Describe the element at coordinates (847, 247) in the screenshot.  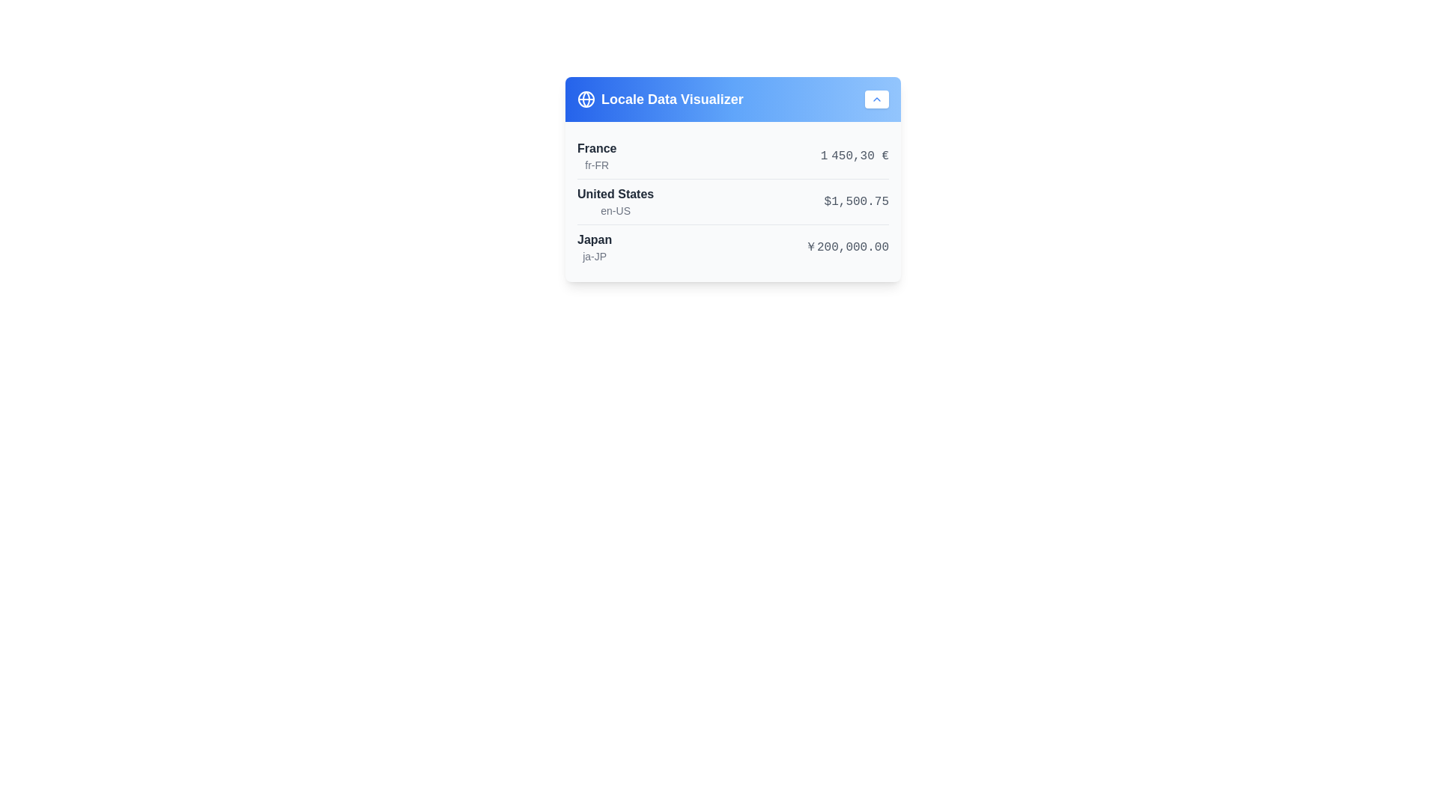
I see `the non-interactive text label displaying the monetary value associated with 'Japan', located on the last row of the list under 'Locale Data Visualizer', to the right of the label 'Japan'` at that location.